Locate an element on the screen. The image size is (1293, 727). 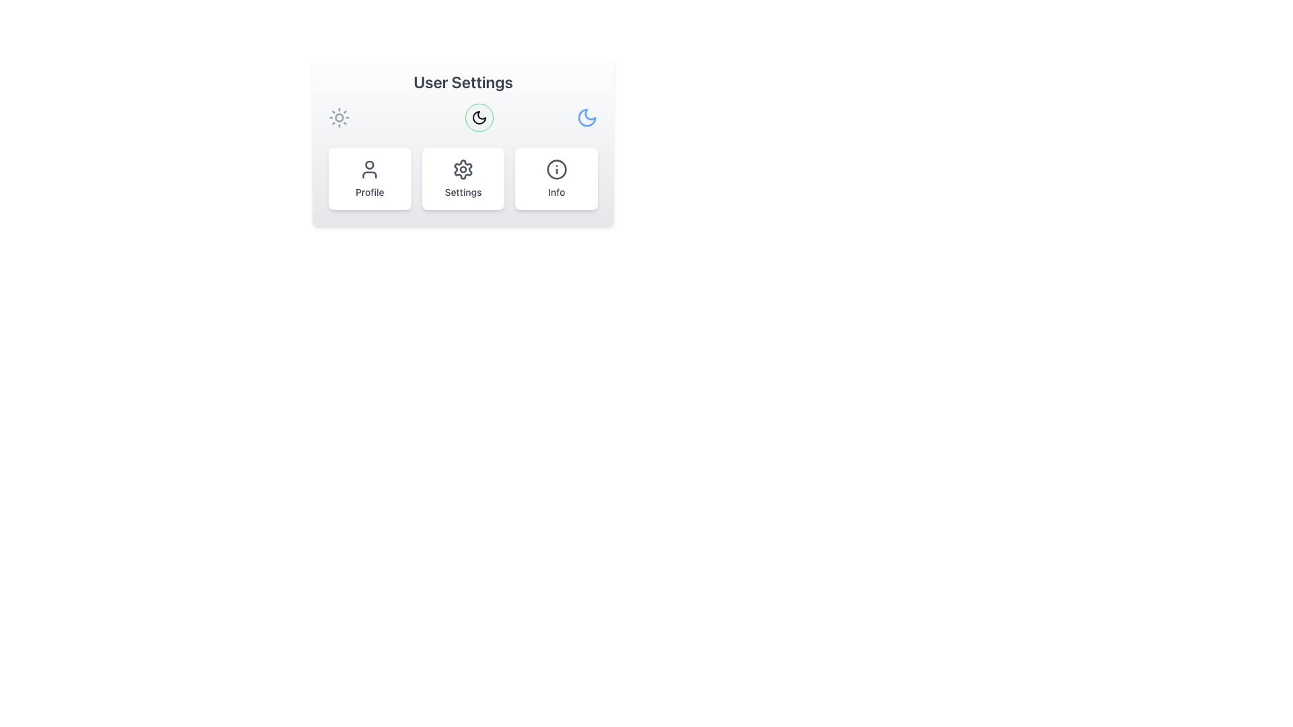
the 'Info' card button, which is the third item in a grid layout and features an 'i' symbol inside a circle is located at coordinates (556, 178).